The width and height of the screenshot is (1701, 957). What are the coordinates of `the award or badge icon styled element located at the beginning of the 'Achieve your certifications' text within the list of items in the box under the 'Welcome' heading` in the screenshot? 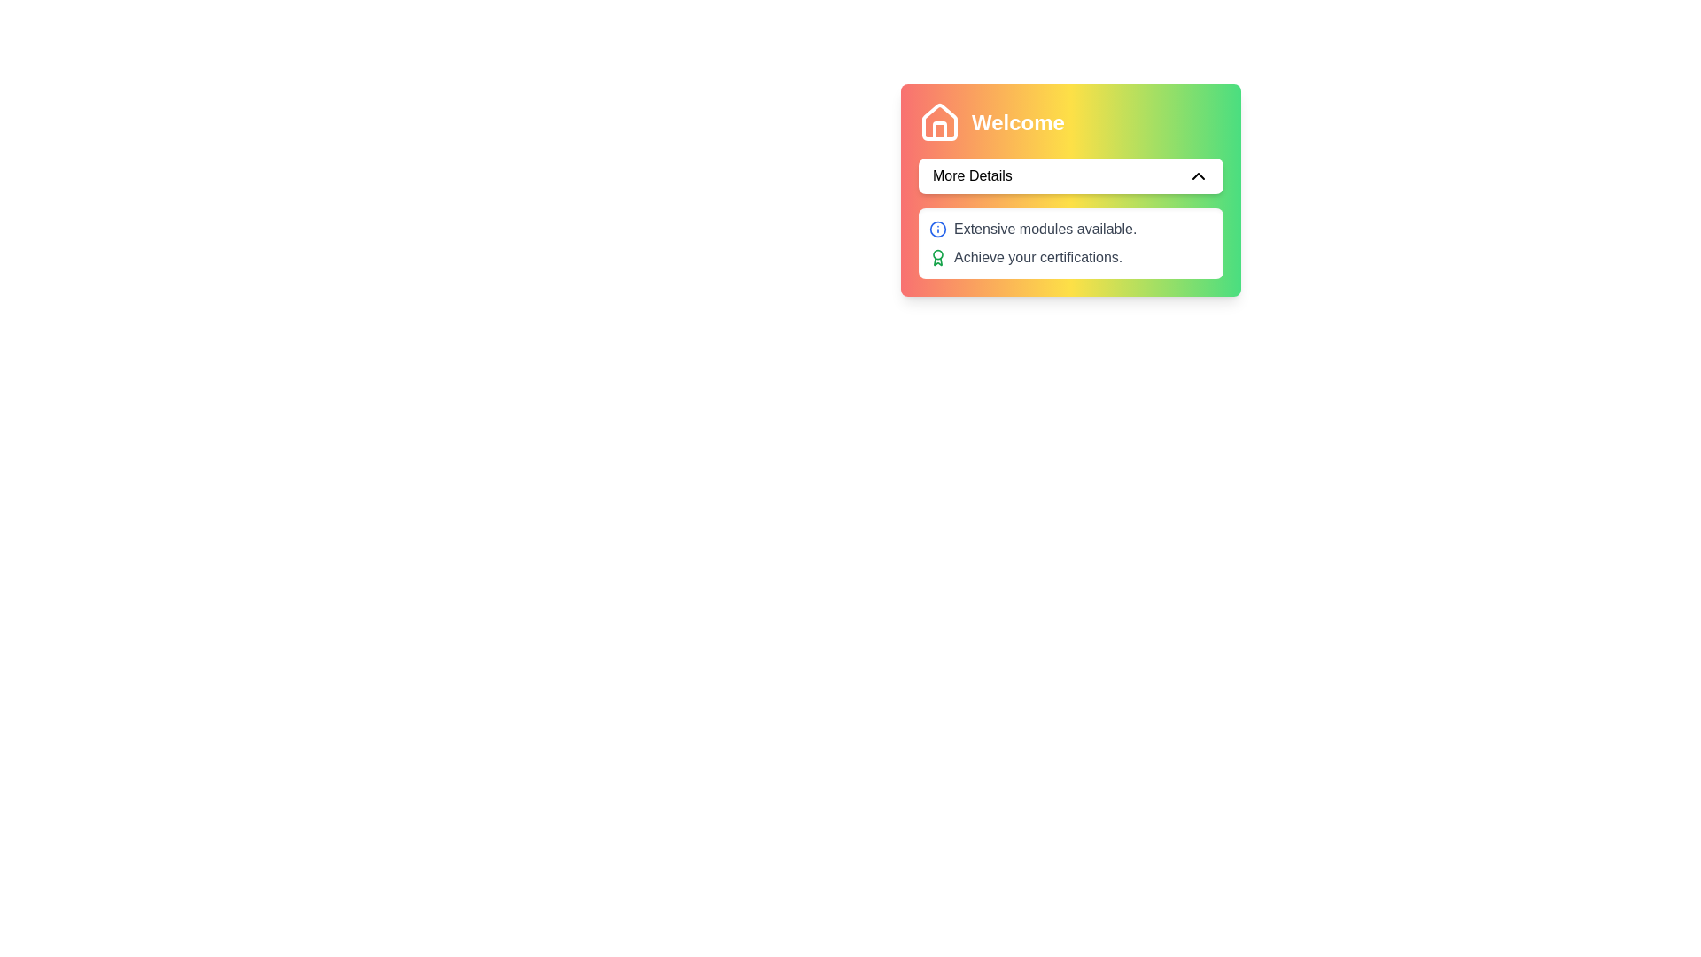 It's located at (937, 257).